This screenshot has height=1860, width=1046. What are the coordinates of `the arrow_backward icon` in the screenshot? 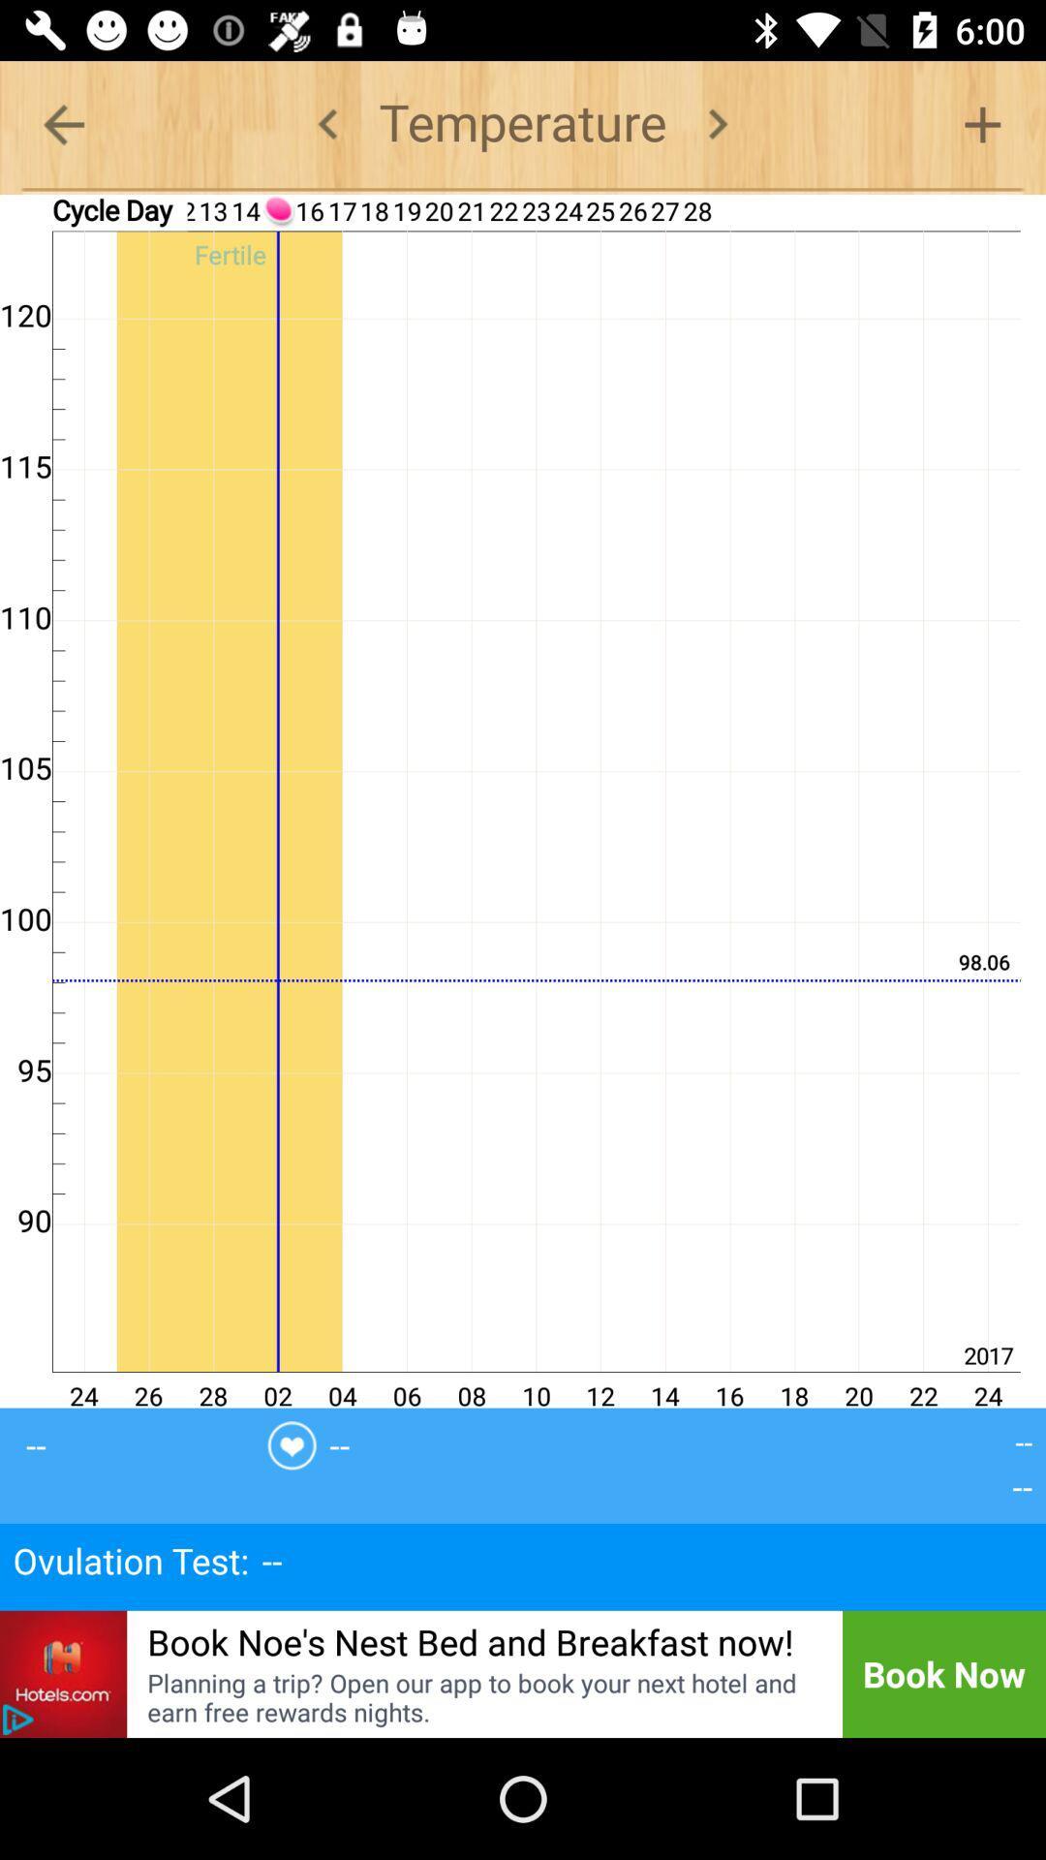 It's located at (62, 123).